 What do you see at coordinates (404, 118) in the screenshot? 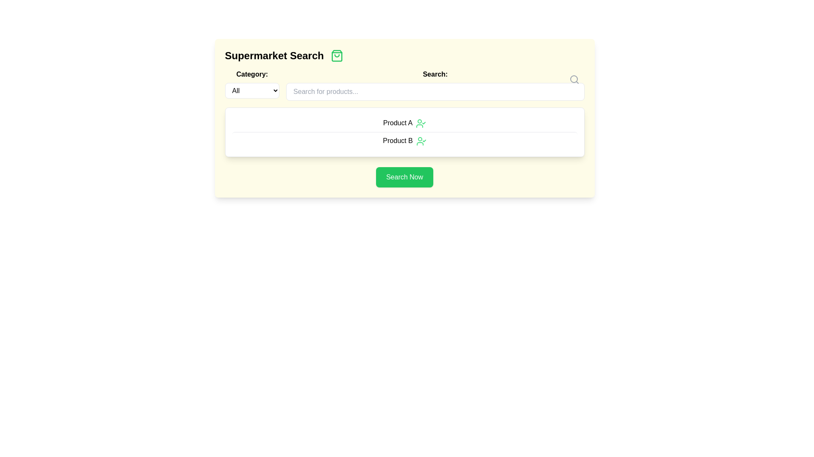
I see `the filter options within the central search interface of the supermarket application, located under the header` at bounding box center [404, 118].